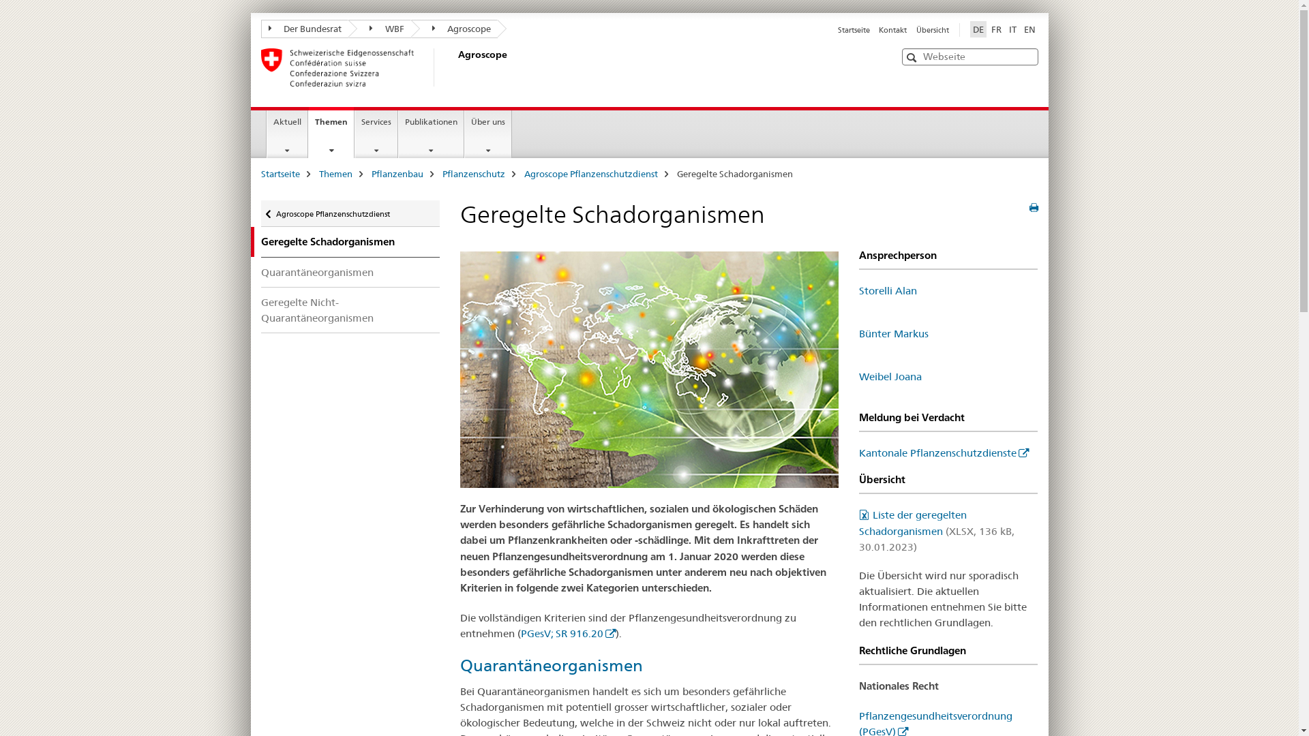  What do you see at coordinates (455, 67) in the screenshot?
I see `'Agroscope'` at bounding box center [455, 67].